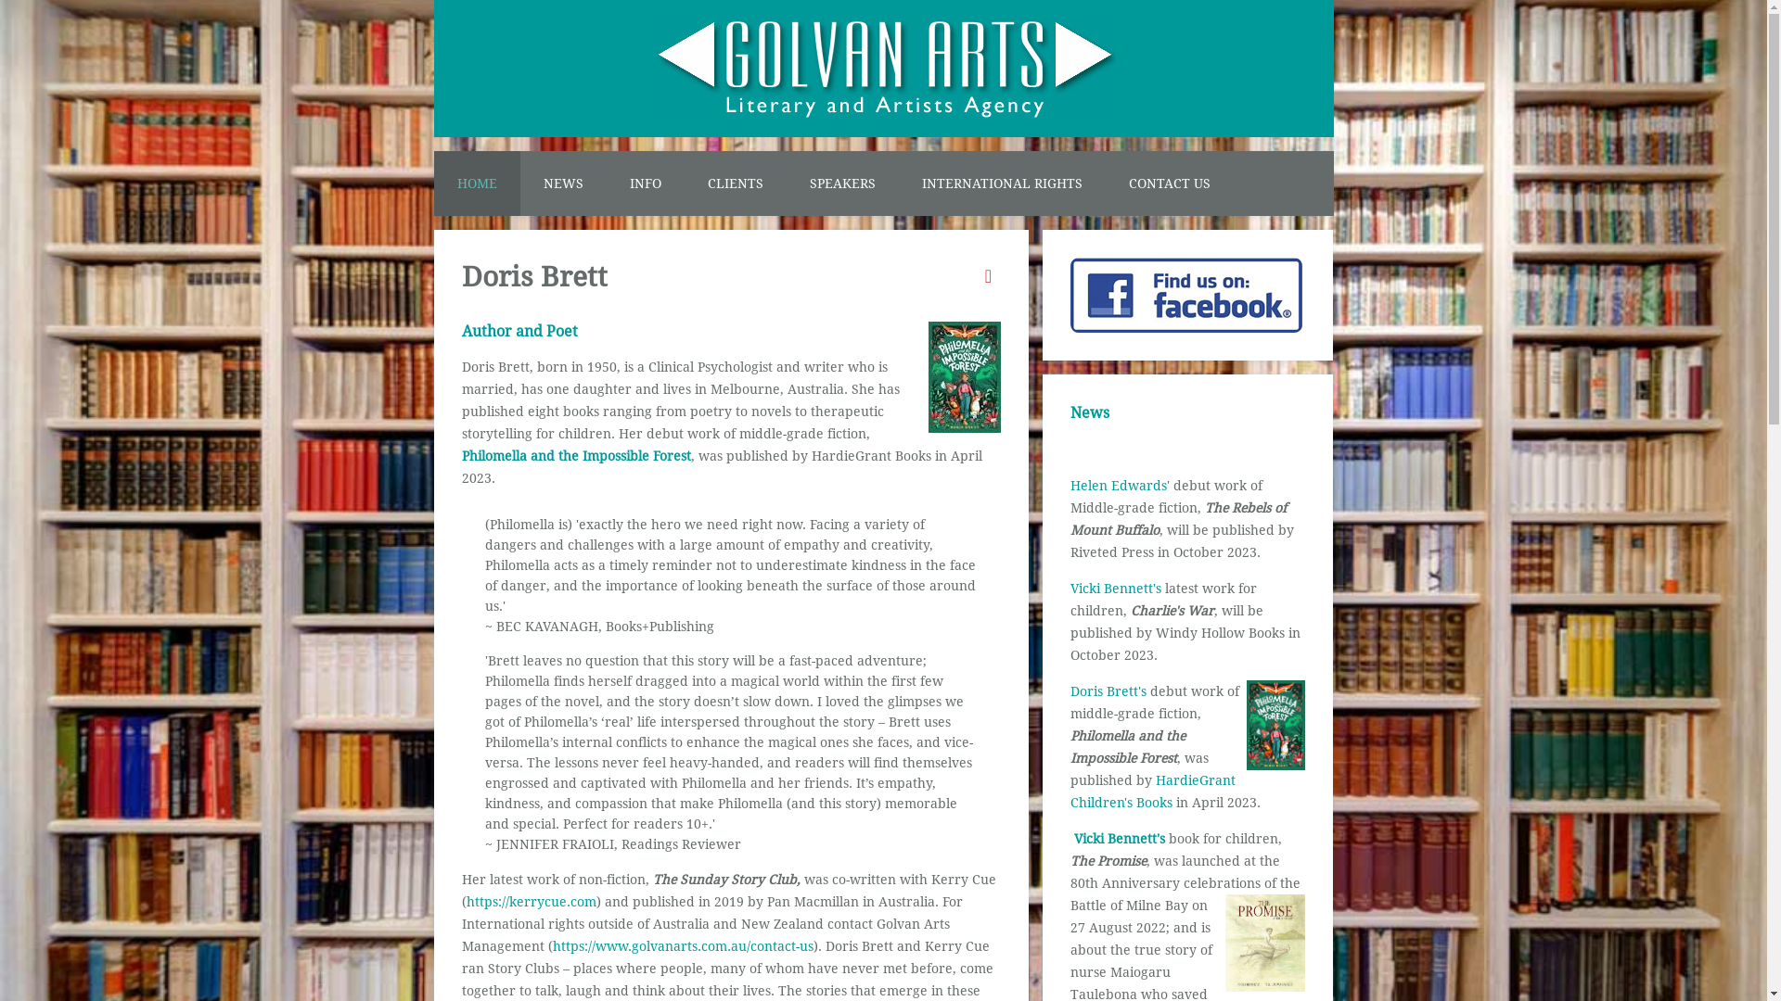 This screenshot has width=1781, height=1001. I want to click on 'Vicki Bennett's', so click(1118, 839).